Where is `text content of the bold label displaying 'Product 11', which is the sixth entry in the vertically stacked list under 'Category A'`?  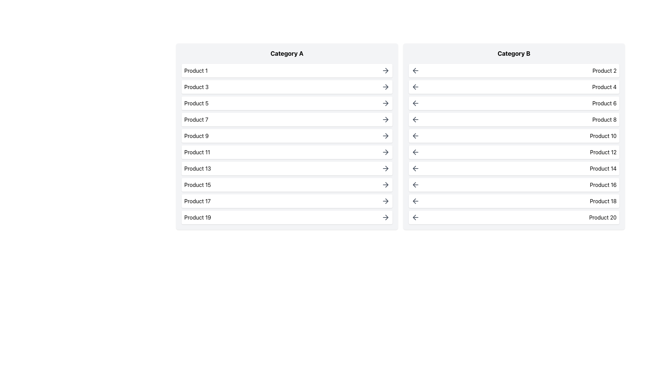
text content of the bold label displaying 'Product 11', which is the sixth entry in the vertically stacked list under 'Category A' is located at coordinates (197, 152).